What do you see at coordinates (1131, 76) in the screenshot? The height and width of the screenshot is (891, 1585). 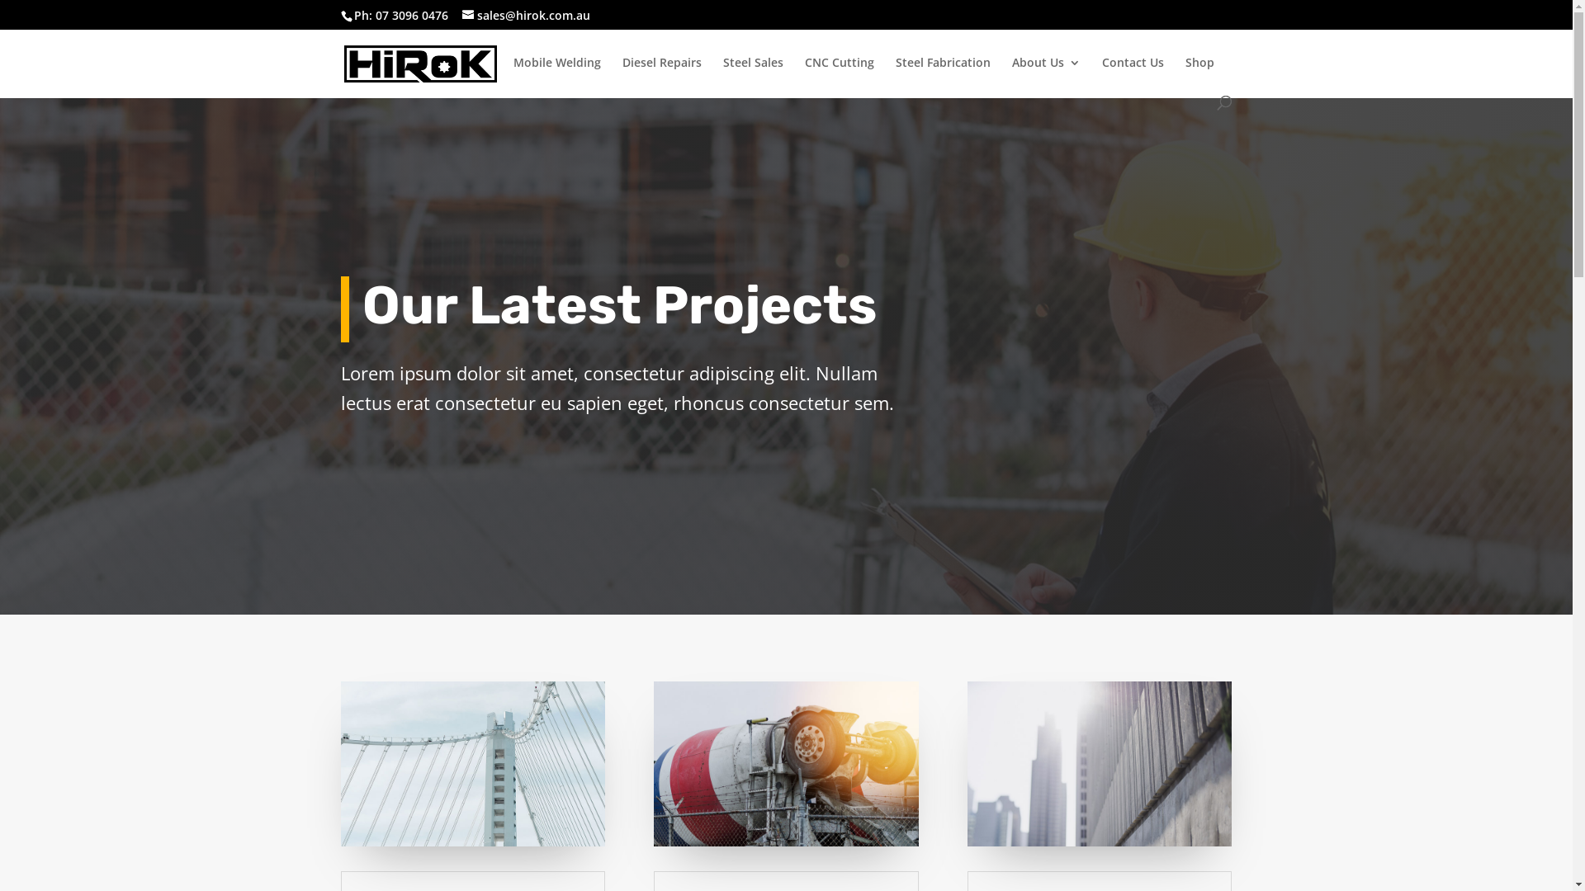 I see `'Contact Us'` at bounding box center [1131, 76].